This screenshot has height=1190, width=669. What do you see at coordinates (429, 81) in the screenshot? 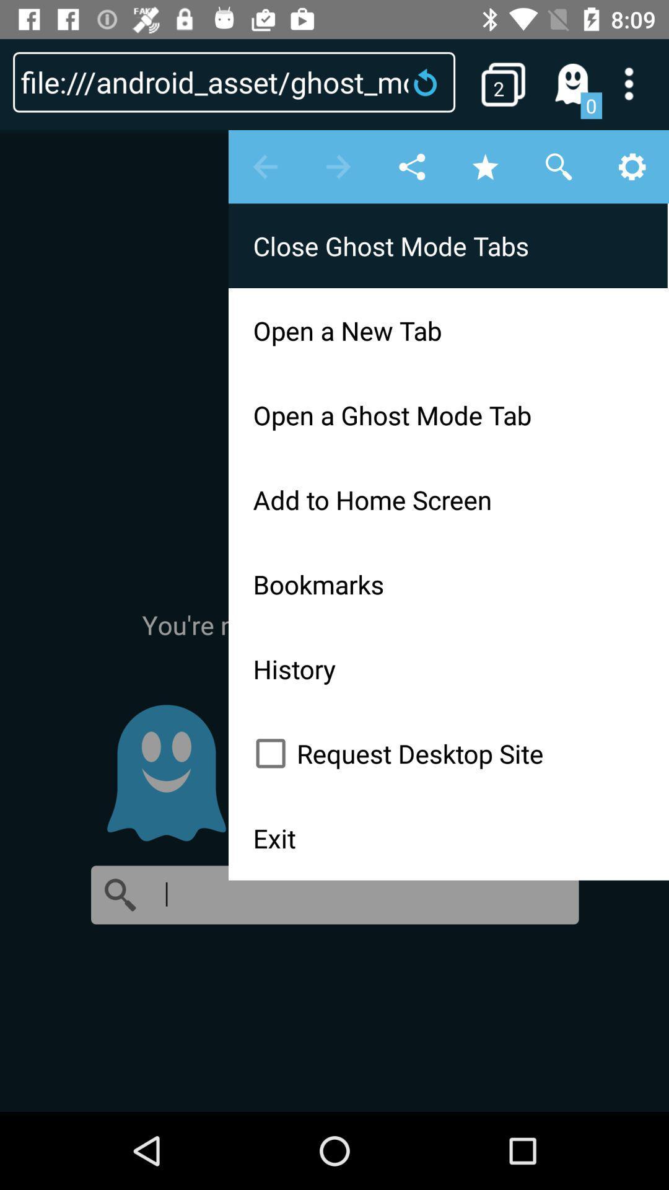
I see `refresh the page` at bounding box center [429, 81].